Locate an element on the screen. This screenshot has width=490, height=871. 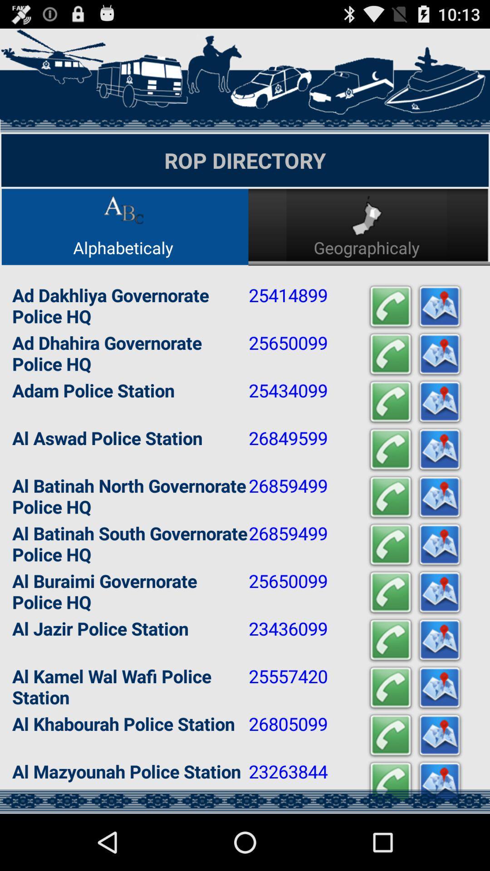
the call icon is located at coordinates (390, 634).